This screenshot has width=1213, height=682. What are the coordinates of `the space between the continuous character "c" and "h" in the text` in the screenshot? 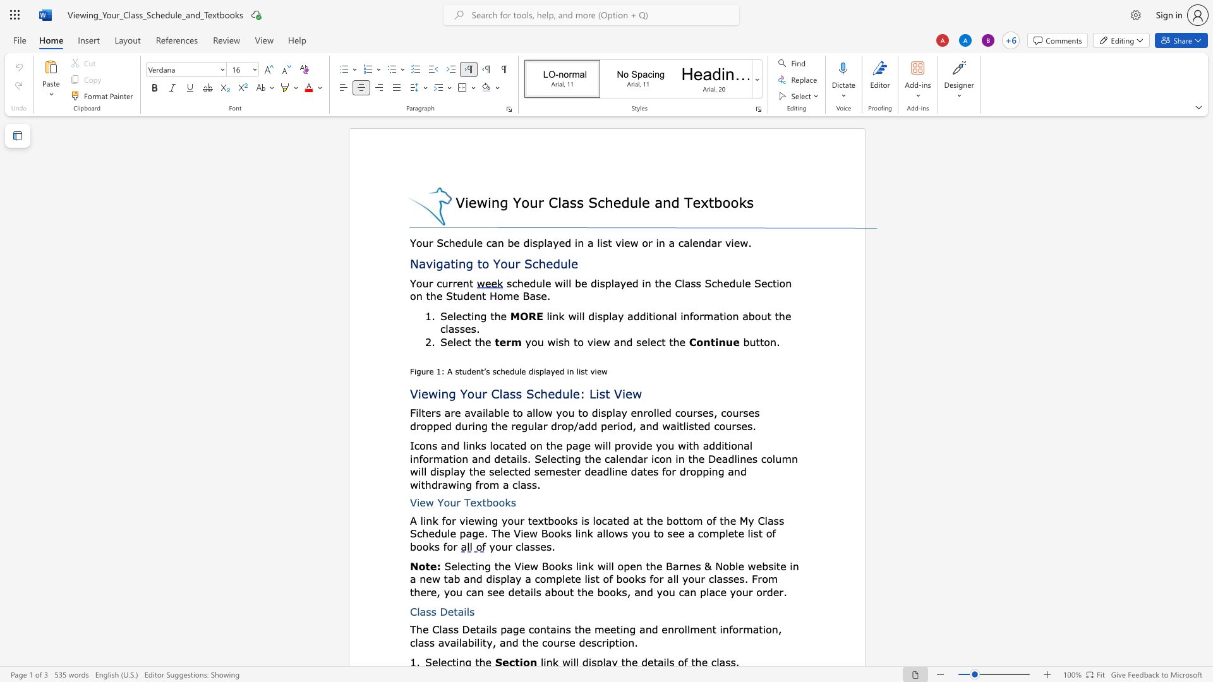 It's located at (539, 263).